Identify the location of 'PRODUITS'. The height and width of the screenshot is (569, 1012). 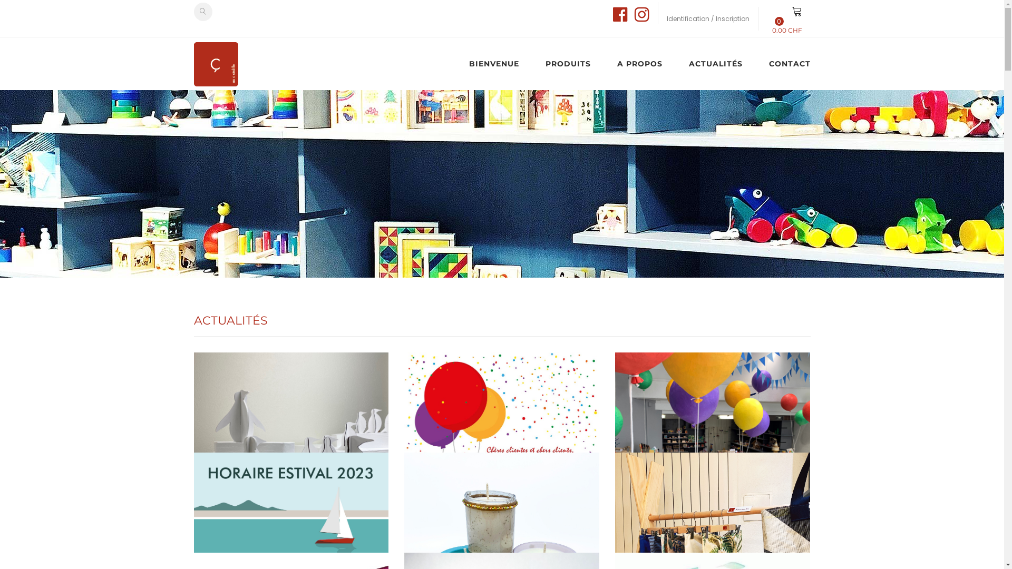
(568, 63).